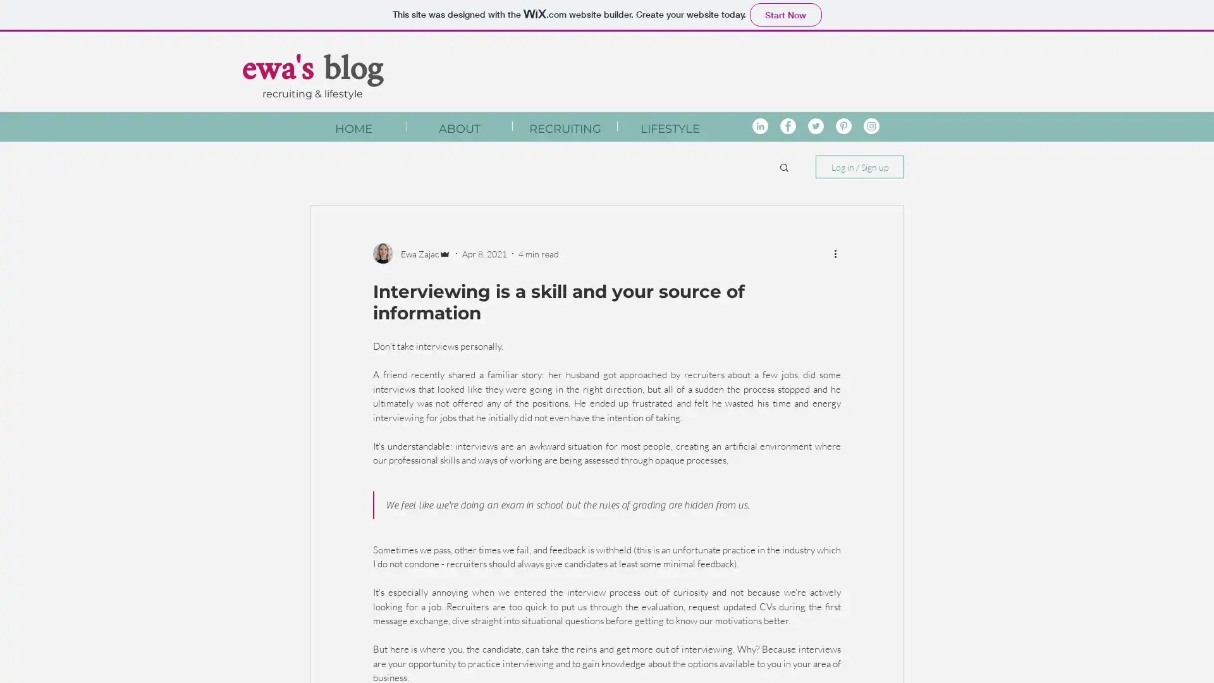 This screenshot has width=1214, height=683. What do you see at coordinates (859, 166) in the screenshot?
I see `Log in / Sign up` at bounding box center [859, 166].